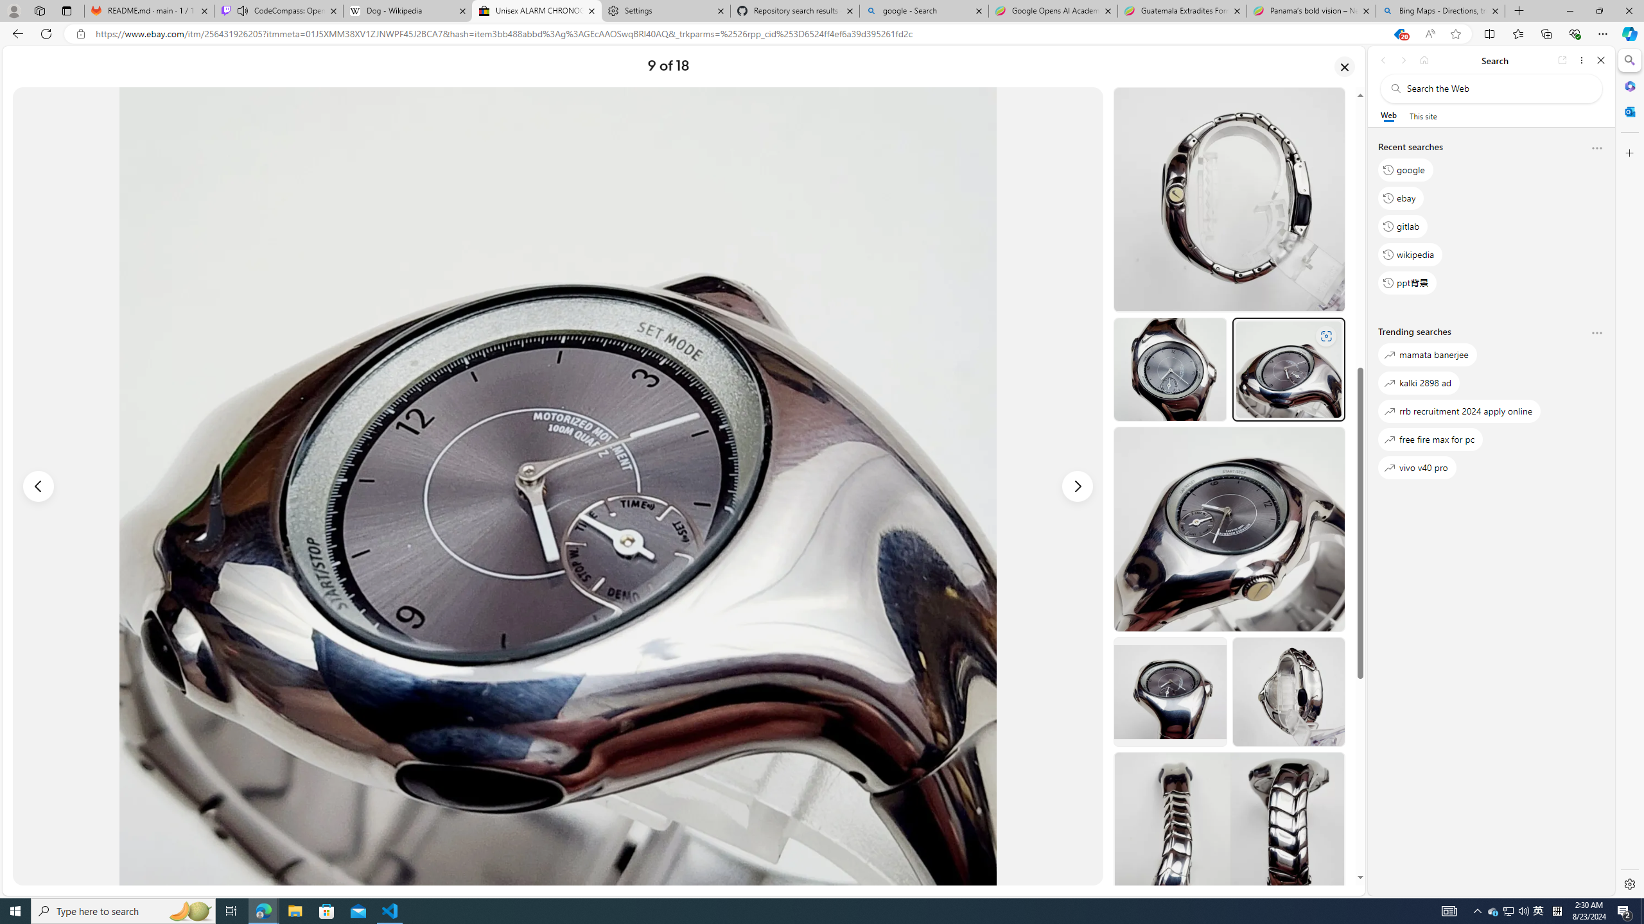  I want to click on 'Previous image - Item images thumbnails', so click(39, 486).